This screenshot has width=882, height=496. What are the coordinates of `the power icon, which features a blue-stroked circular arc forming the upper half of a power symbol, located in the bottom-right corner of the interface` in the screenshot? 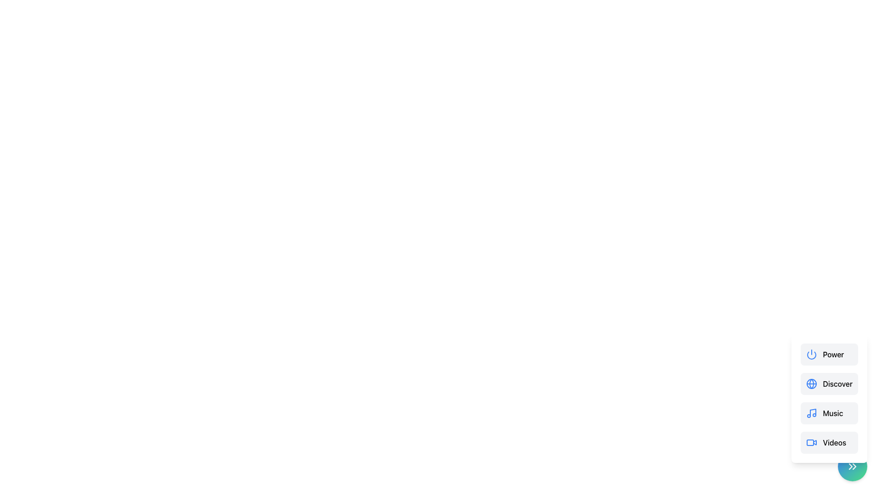 It's located at (812, 355).